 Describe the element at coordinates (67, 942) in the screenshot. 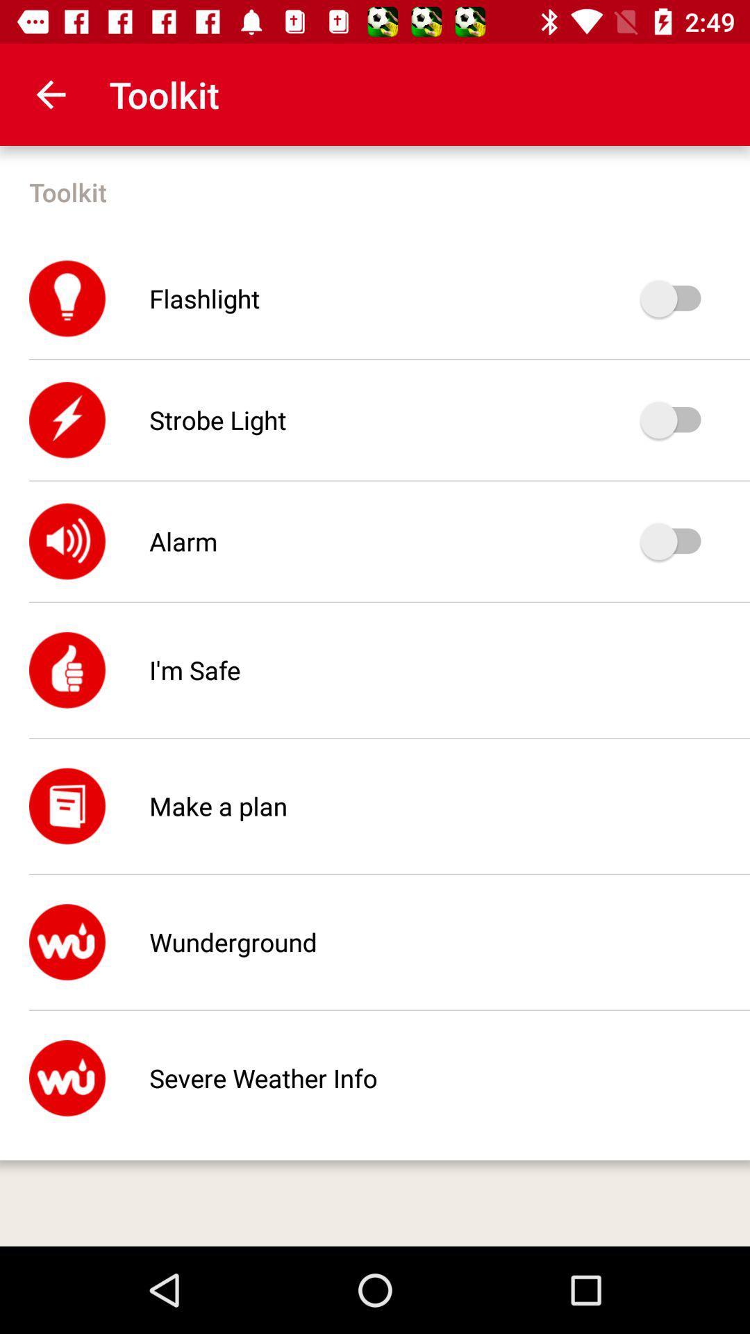

I see `the icon left to wunderground` at that location.